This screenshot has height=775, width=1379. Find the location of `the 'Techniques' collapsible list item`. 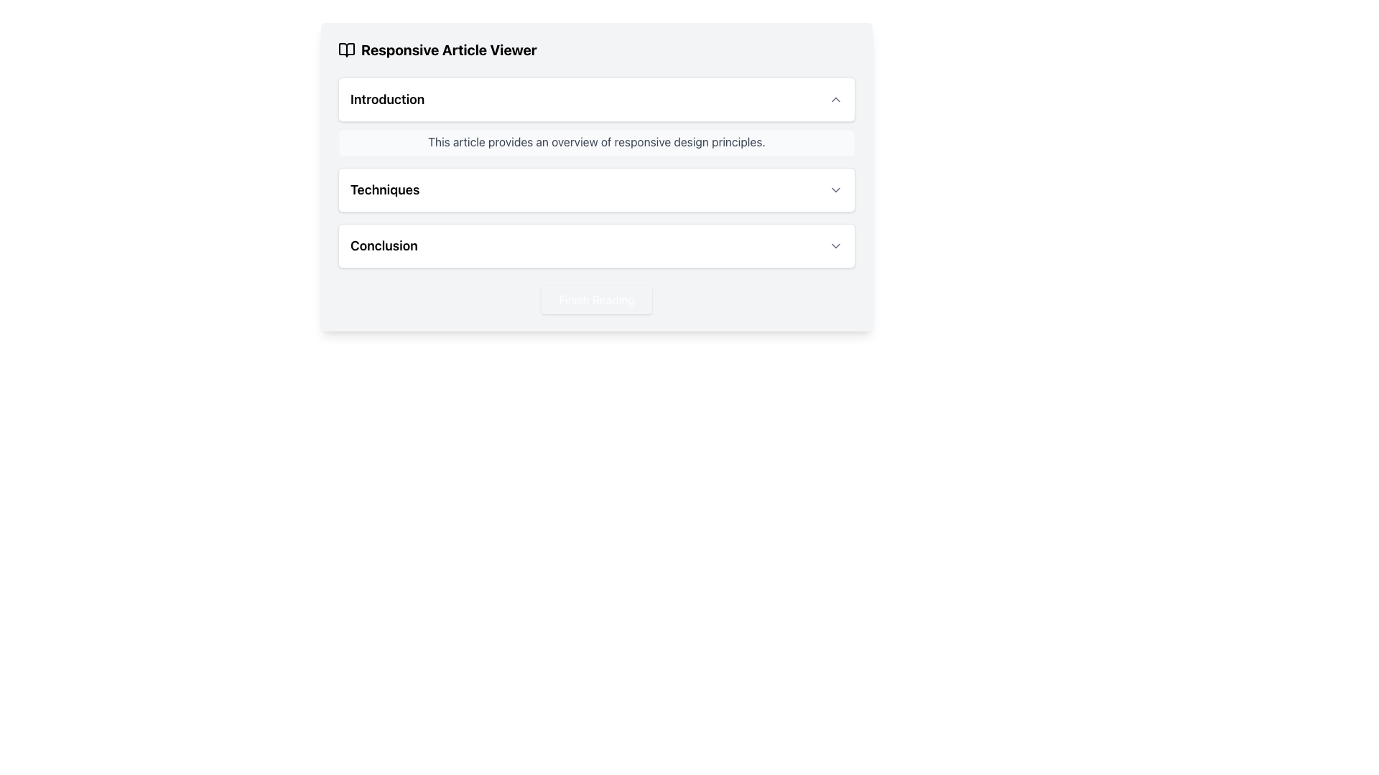

the 'Techniques' collapsible list item is located at coordinates (596, 189).